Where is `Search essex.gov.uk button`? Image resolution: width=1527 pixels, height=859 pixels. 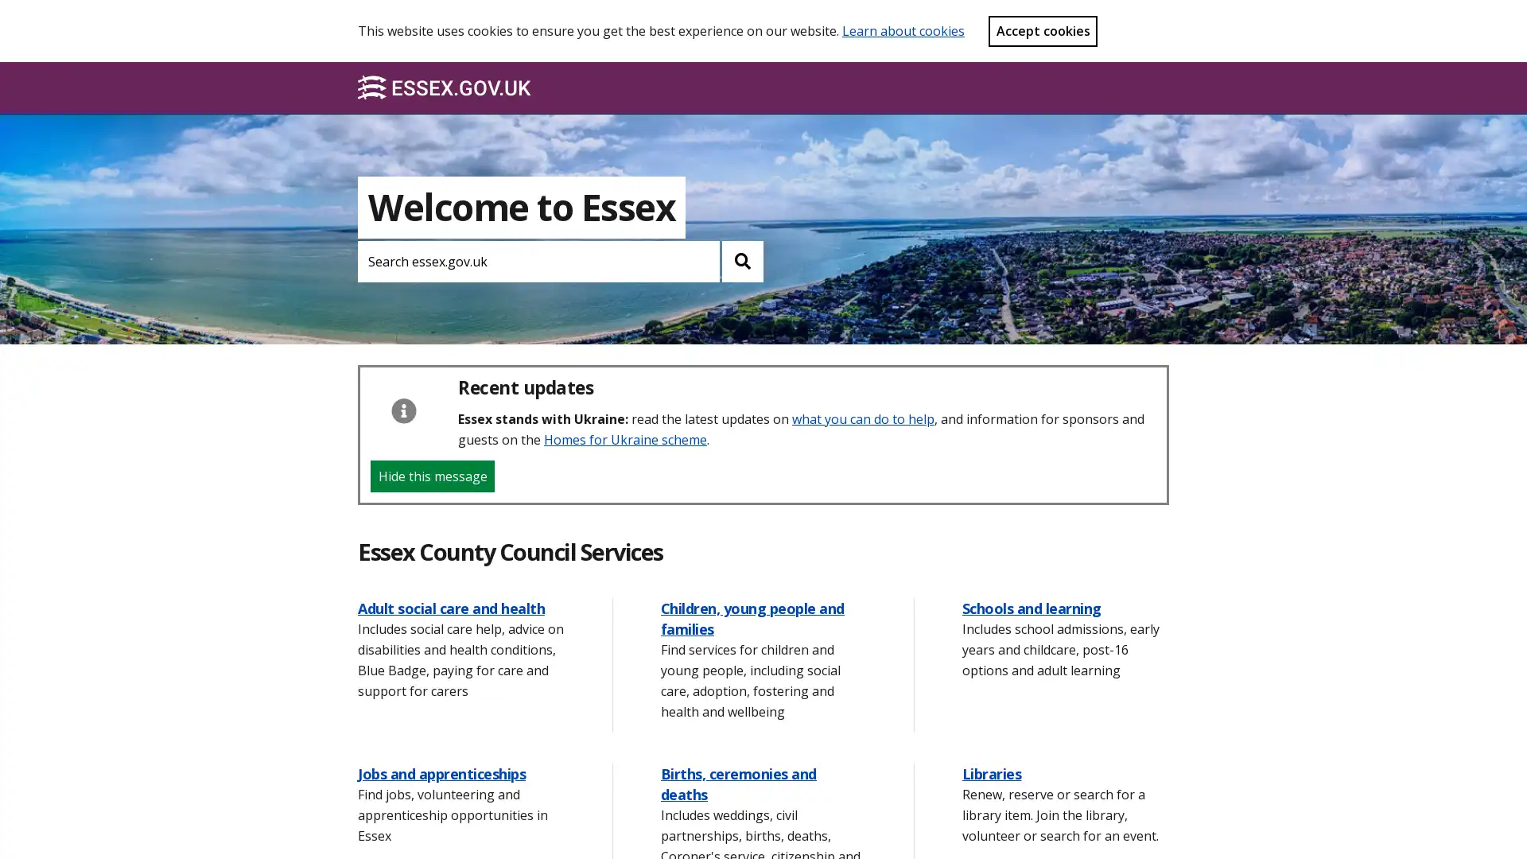 Search essex.gov.uk button is located at coordinates (742, 260).